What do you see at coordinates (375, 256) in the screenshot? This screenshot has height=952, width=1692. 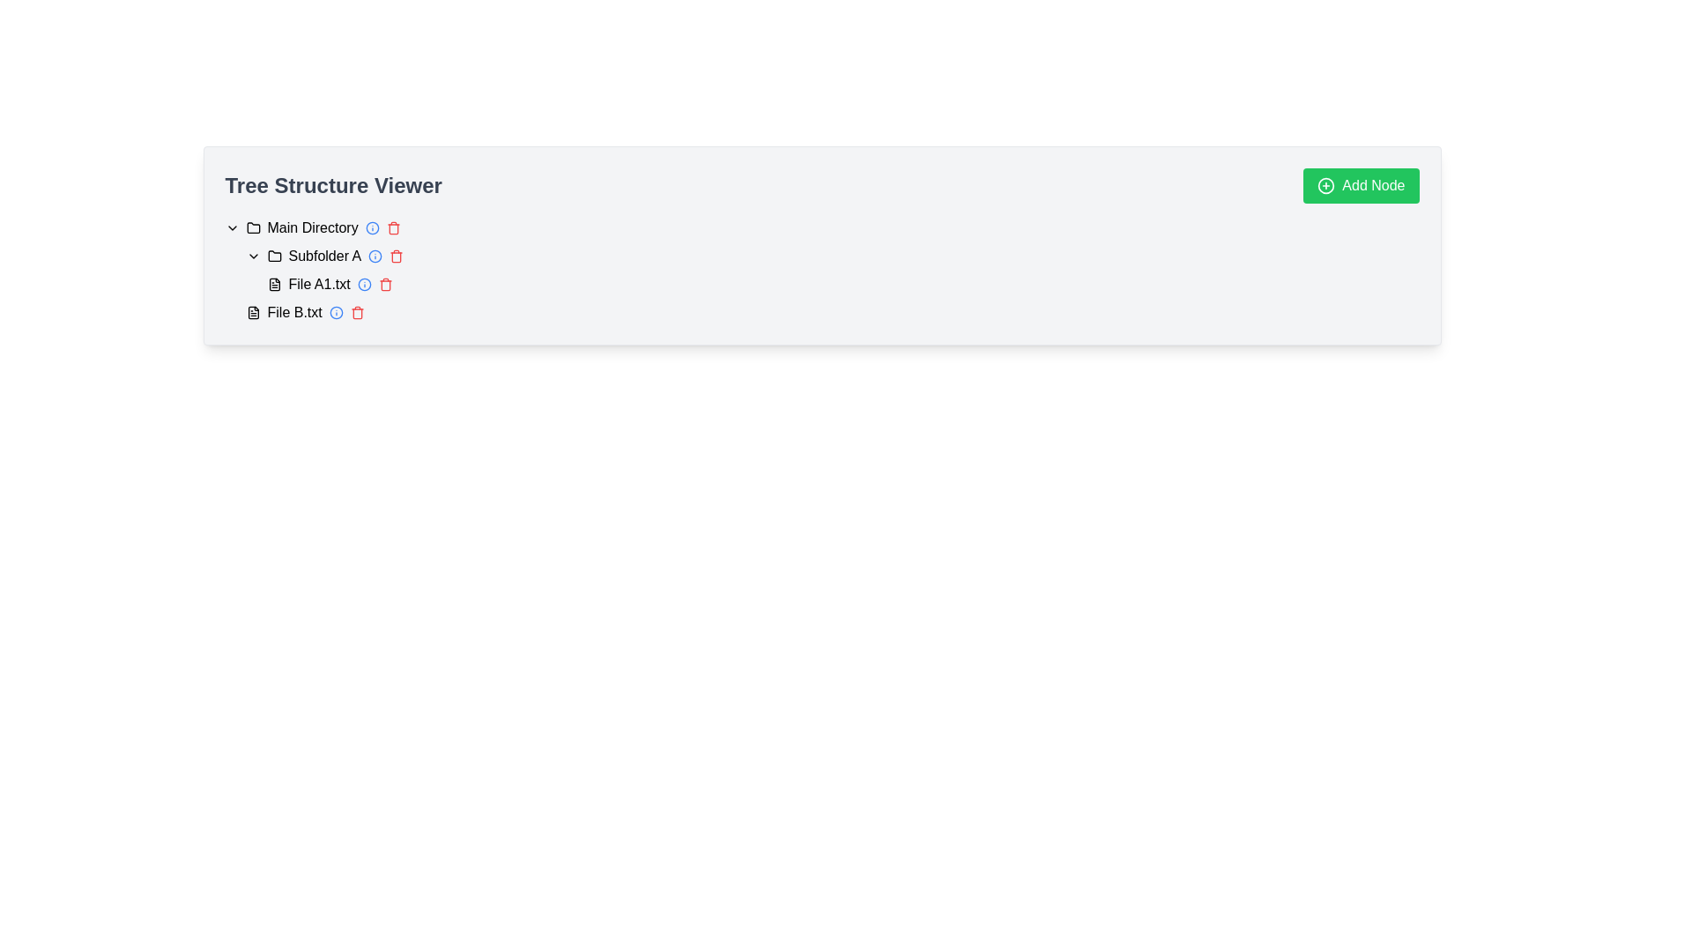 I see `the information icon located to the right of the 'Subfolder A' text label` at bounding box center [375, 256].